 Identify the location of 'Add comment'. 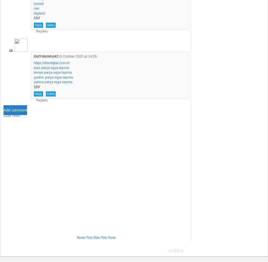
(15, 110).